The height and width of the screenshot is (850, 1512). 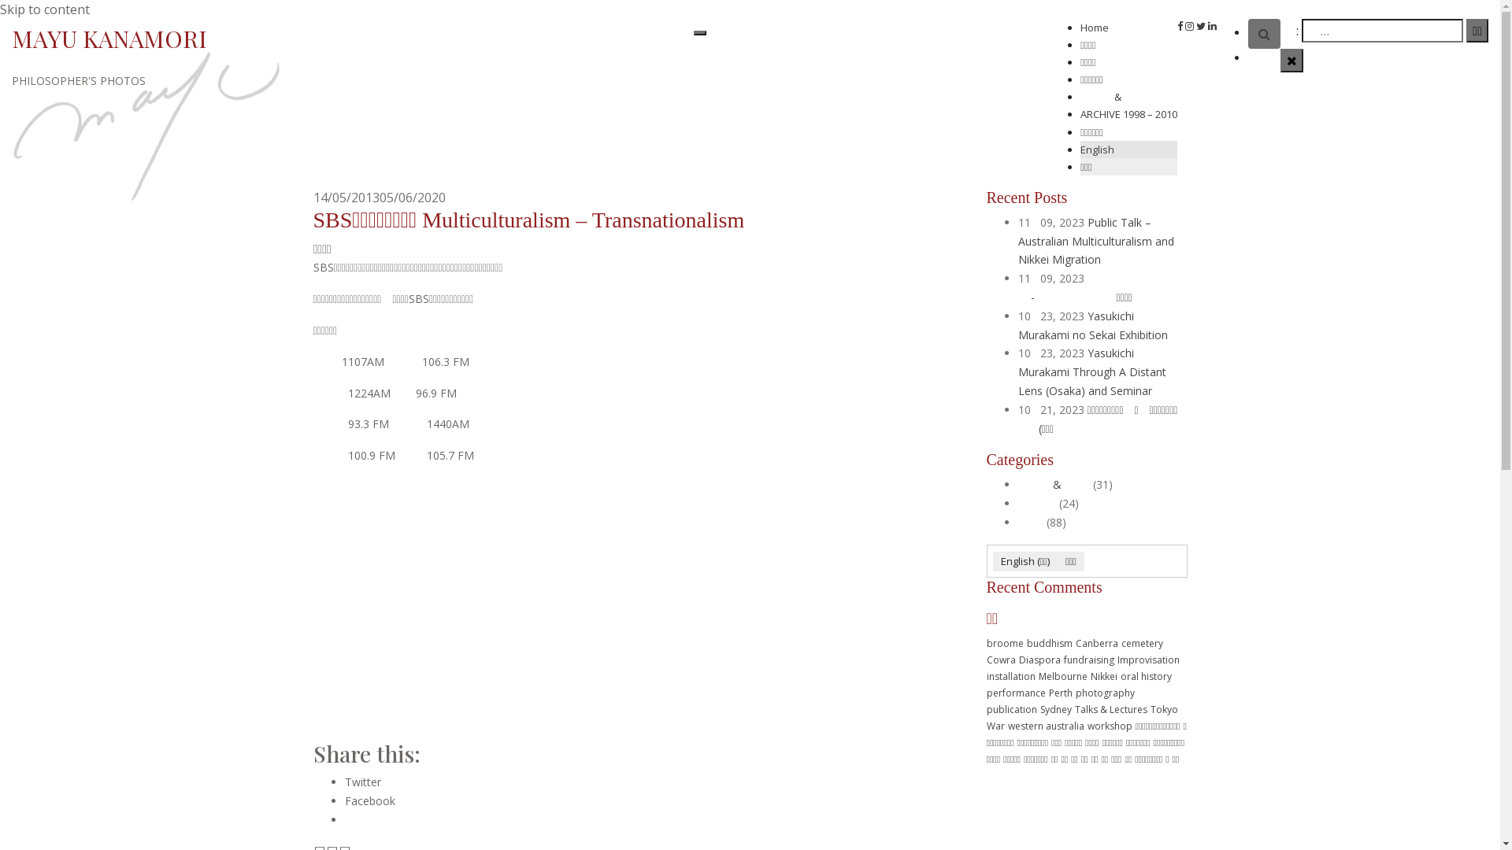 I want to click on 'Search Button', so click(x=1264, y=33).